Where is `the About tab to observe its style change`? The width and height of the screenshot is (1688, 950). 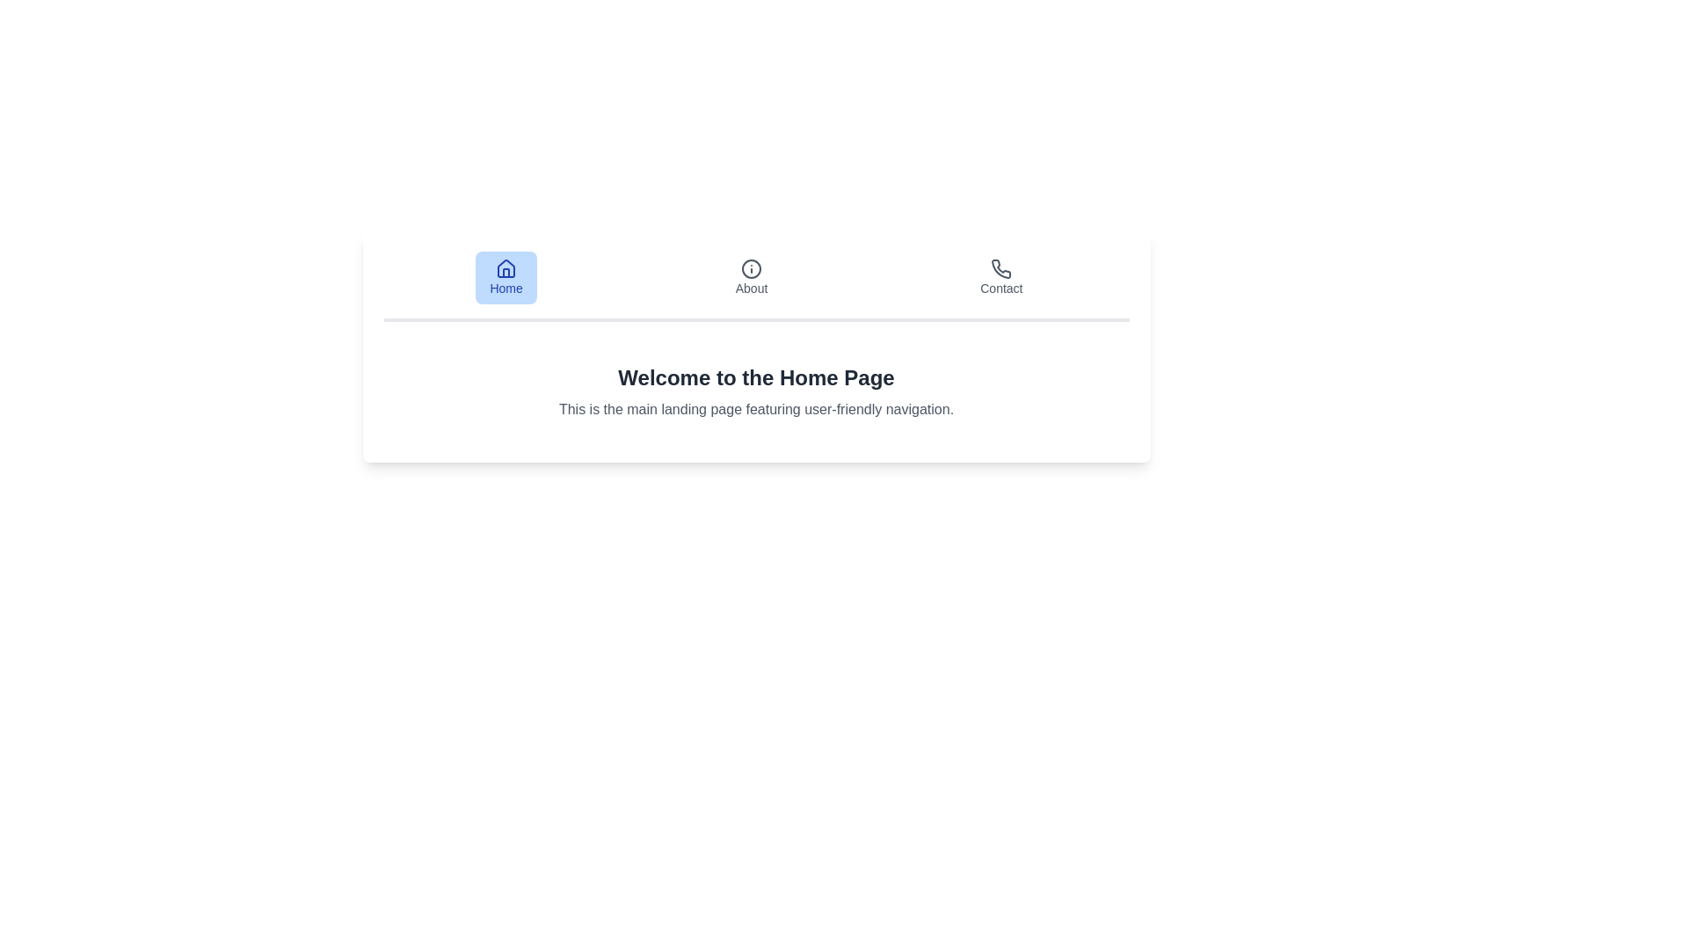
the About tab to observe its style change is located at coordinates (751, 277).